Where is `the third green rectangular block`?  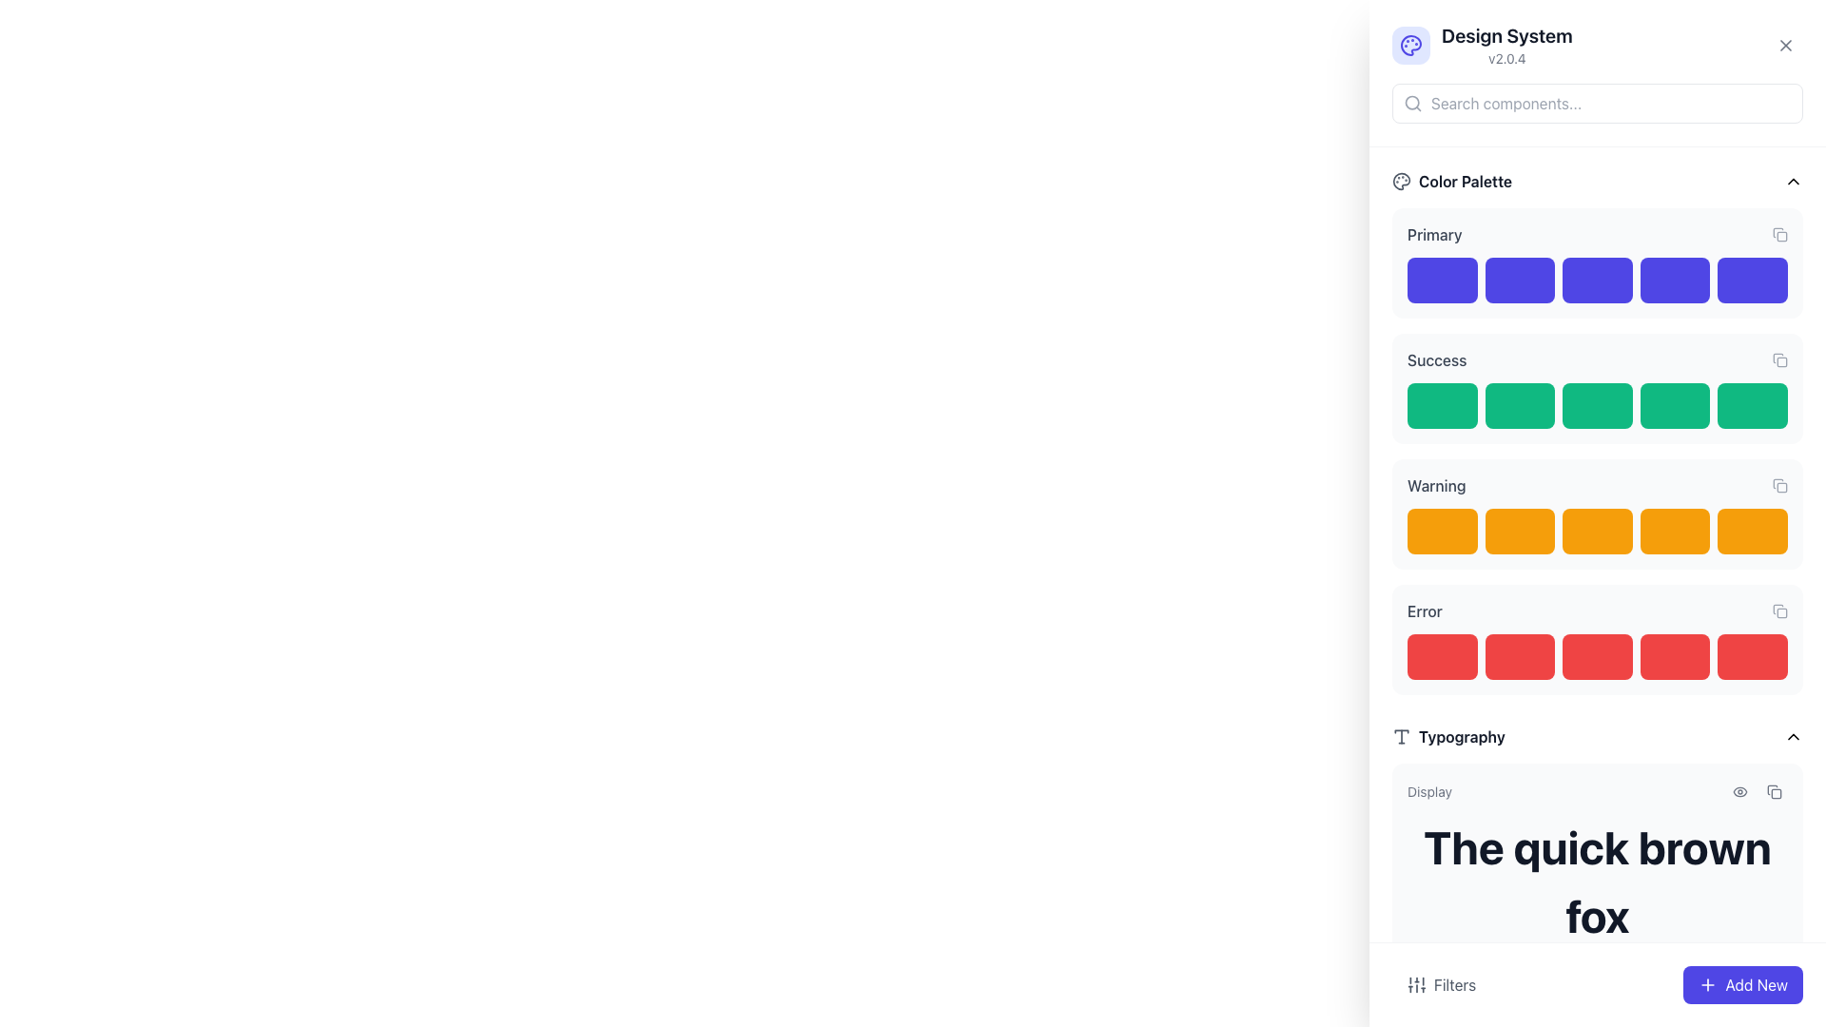 the third green rectangular block is located at coordinates (1598, 387).